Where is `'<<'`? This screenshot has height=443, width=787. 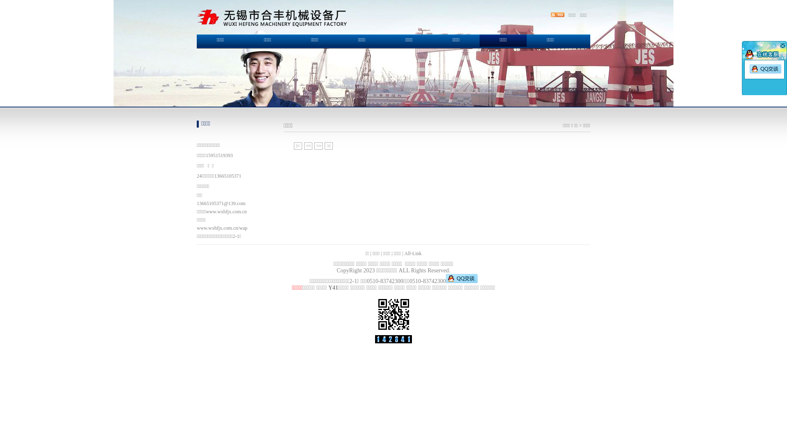
'<<' is located at coordinates (308, 145).